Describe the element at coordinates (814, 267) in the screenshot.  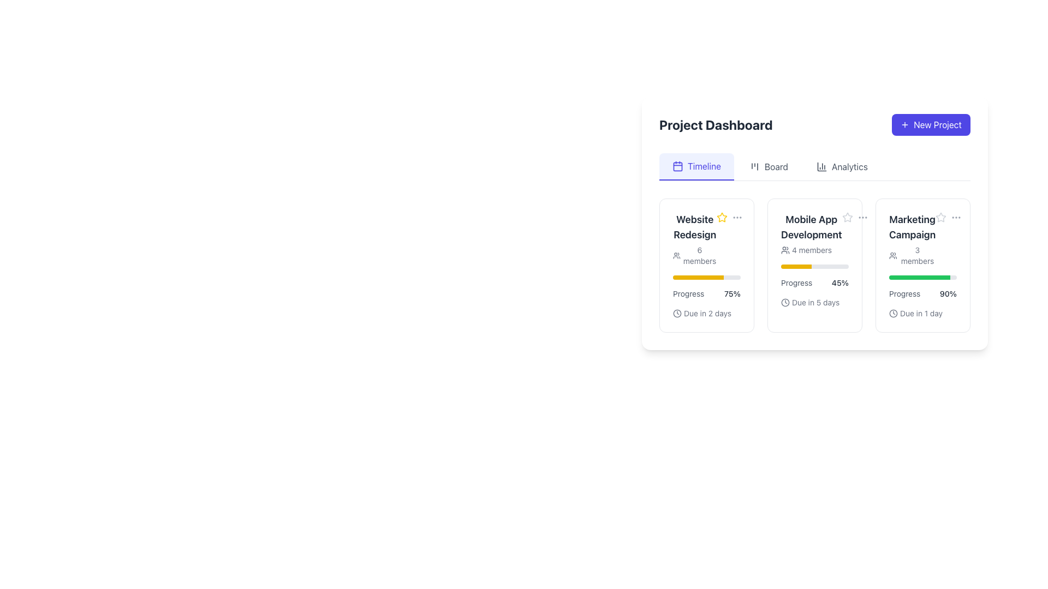
I see `the Progress Bar indicating 45% completion for the 'Mobile App Development' task, which is located at the top of the information section in the dashboard view` at that location.